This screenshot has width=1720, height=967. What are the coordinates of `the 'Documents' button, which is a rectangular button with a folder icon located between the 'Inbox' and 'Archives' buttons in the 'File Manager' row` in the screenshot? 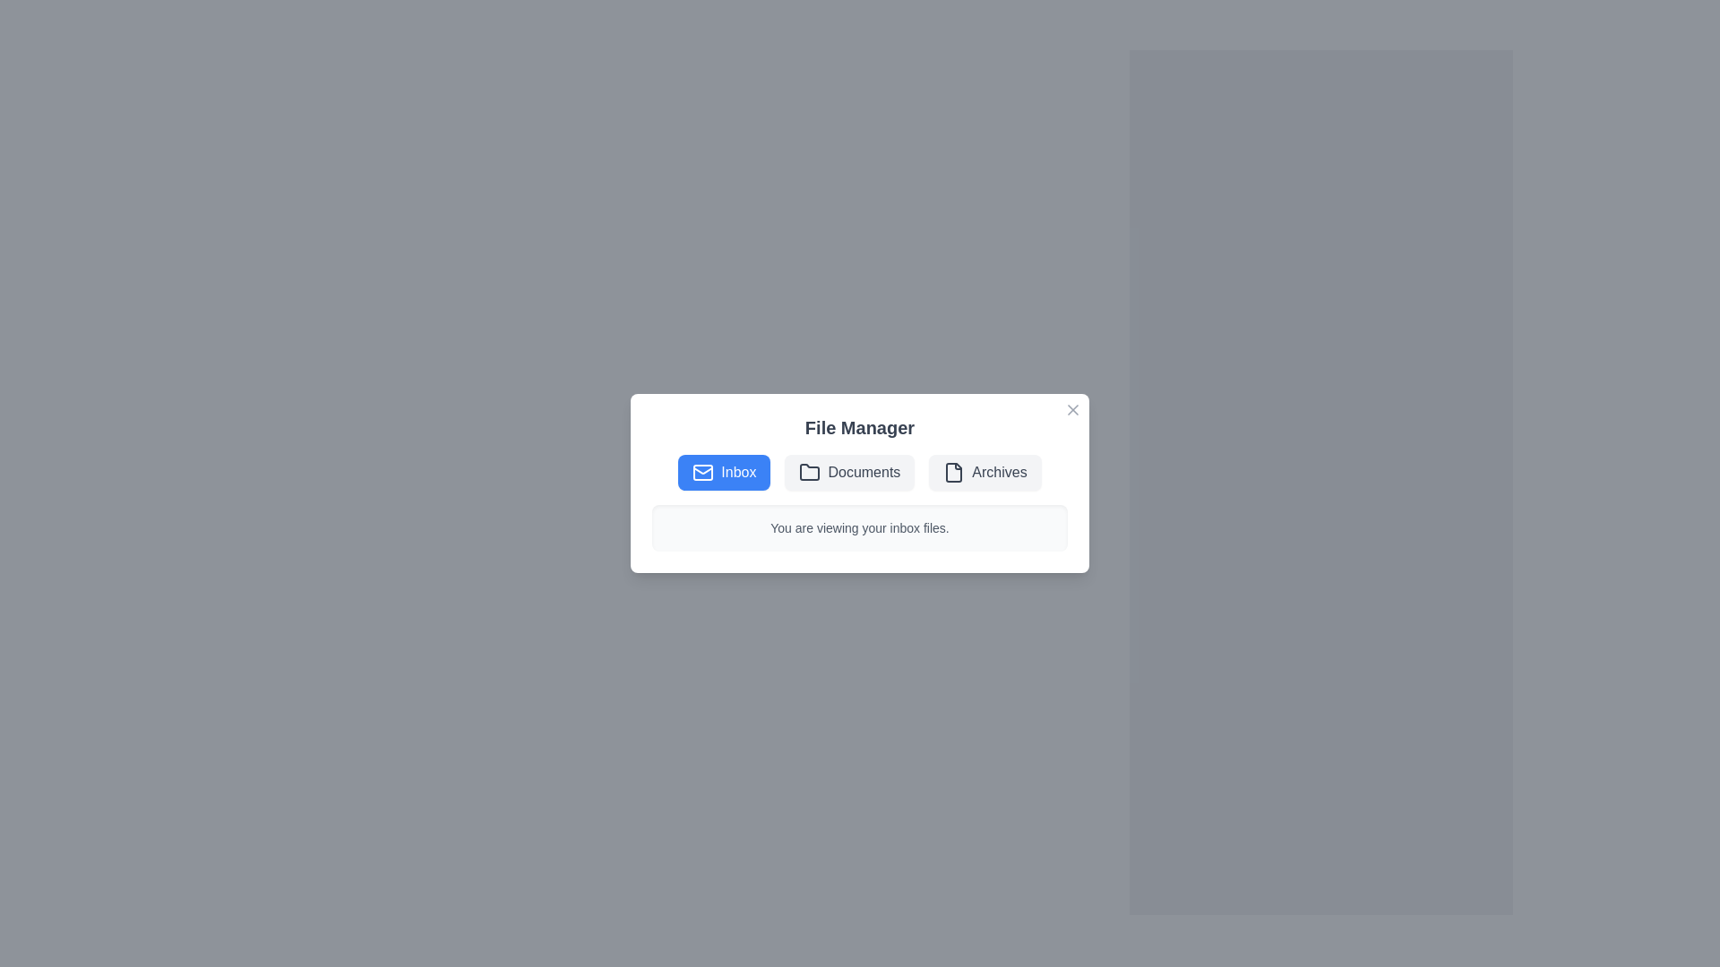 It's located at (848, 472).